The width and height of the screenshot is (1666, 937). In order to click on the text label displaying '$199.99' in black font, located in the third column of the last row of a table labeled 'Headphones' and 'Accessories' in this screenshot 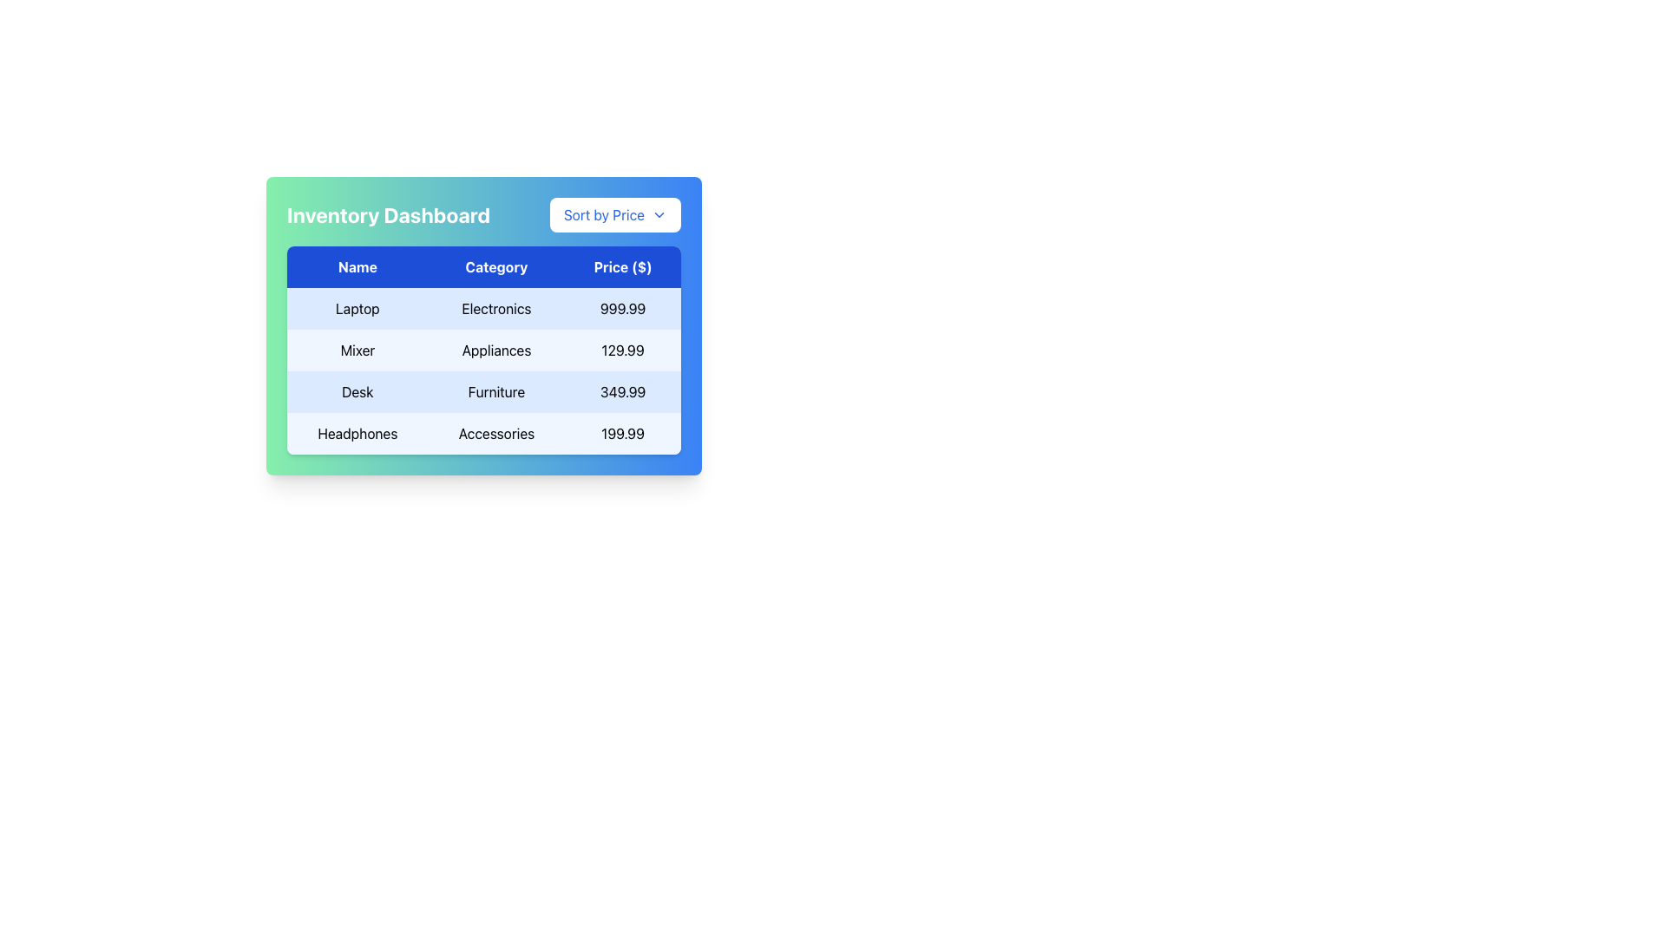, I will do `click(623, 433)`.